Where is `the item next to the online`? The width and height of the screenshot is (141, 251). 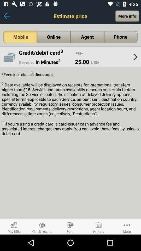
the item next to the online is located at coordinates (20, 37).